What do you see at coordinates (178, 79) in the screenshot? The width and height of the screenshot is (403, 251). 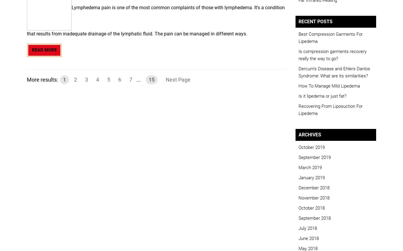 I see `'Next Page'` at bounding box center [178, 79].